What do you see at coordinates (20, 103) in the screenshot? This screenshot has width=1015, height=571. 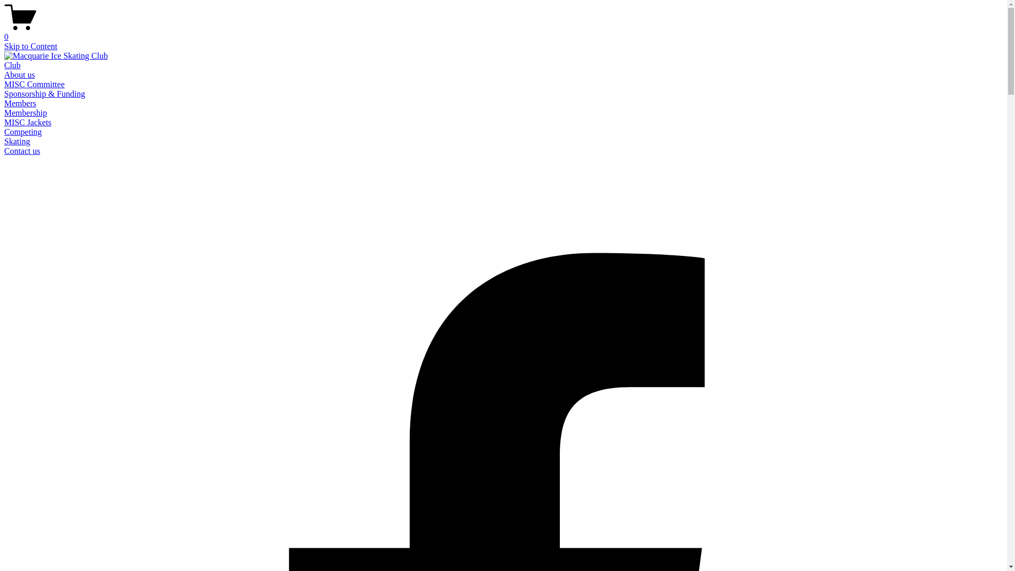 I see `'Members'` at bounding box center [20, 103].